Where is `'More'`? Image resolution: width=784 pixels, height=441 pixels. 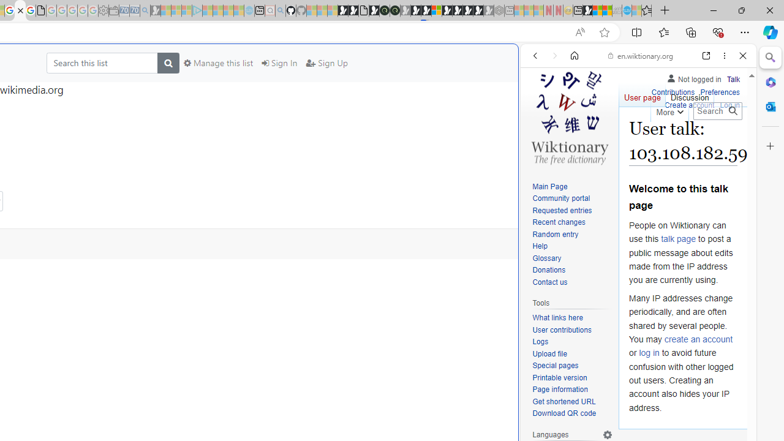 'More' is located at coordinates (669, 109).